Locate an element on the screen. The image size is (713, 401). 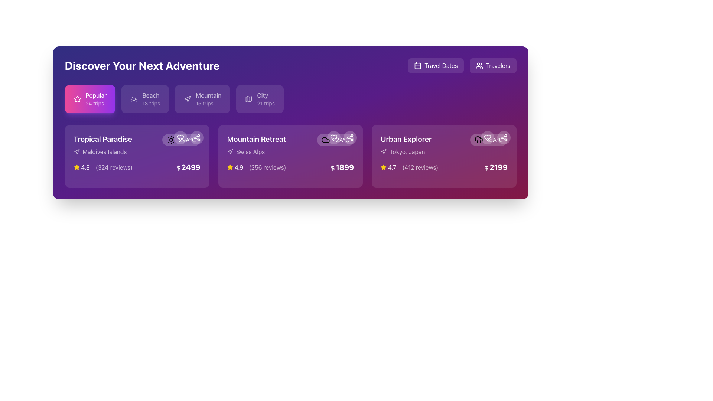
the star icon representing the rating of '4.8' beneath the 'Tropical Paradise' card, which is the first icon in the alignment of rating elements is located at coordinates (76, 167).